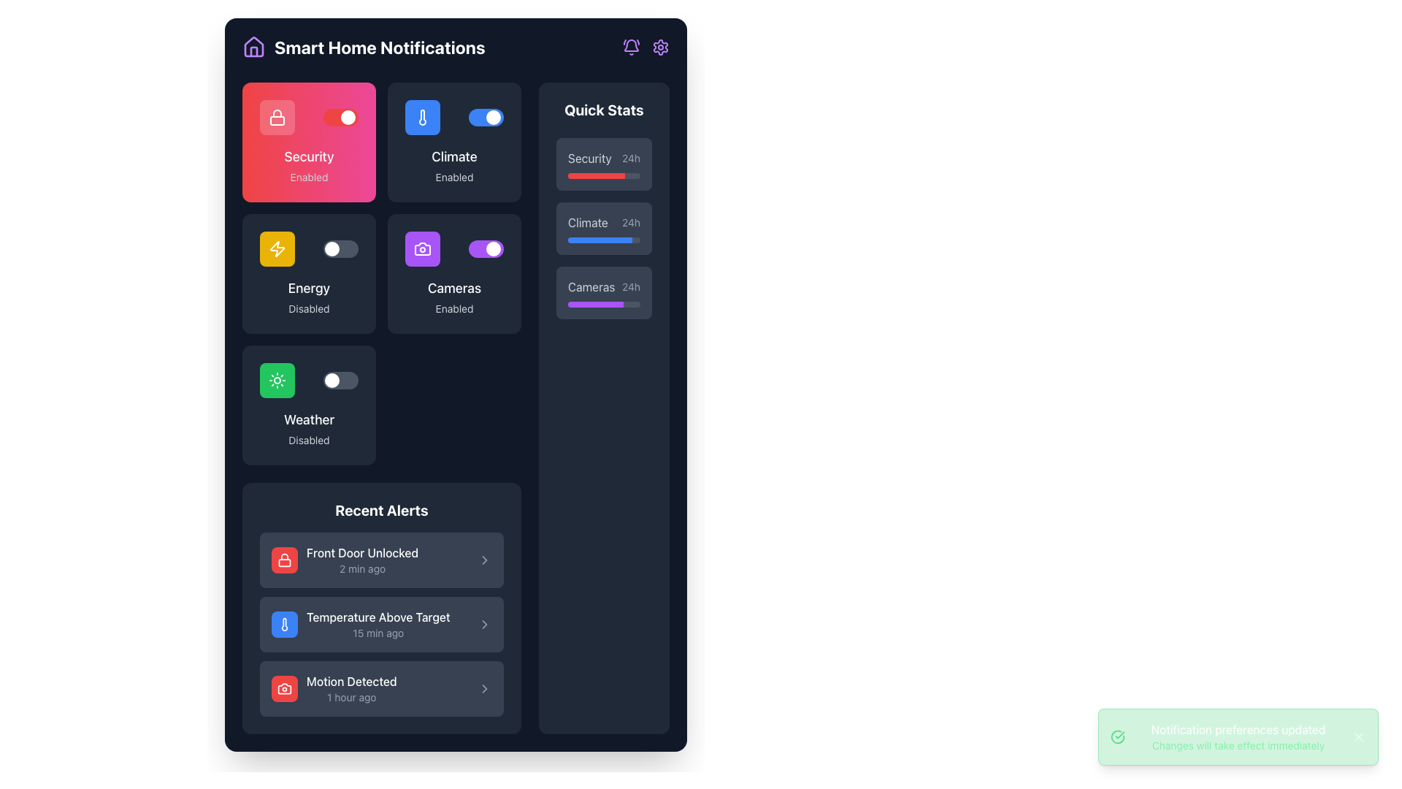 The width and height of the screenshot is (1402, 789). Describe the element at coordinates (604, 228) in the screenshot. I see `the Information block with a progress bar labeled 'Climate 24h', which features a dark background, a larger light-gray 'Climate' text, a smaller grayish '24h' text, and a blue rounded progress bar` at that location.